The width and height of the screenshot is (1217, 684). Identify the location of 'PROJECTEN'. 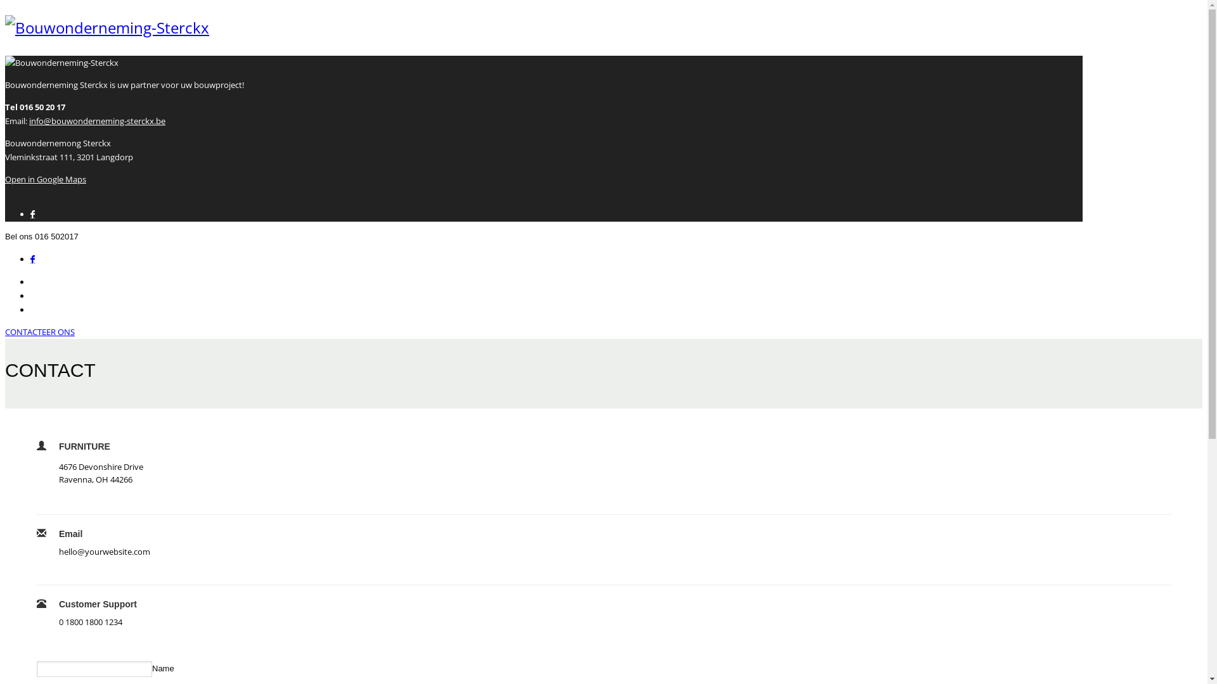
(53, 310).